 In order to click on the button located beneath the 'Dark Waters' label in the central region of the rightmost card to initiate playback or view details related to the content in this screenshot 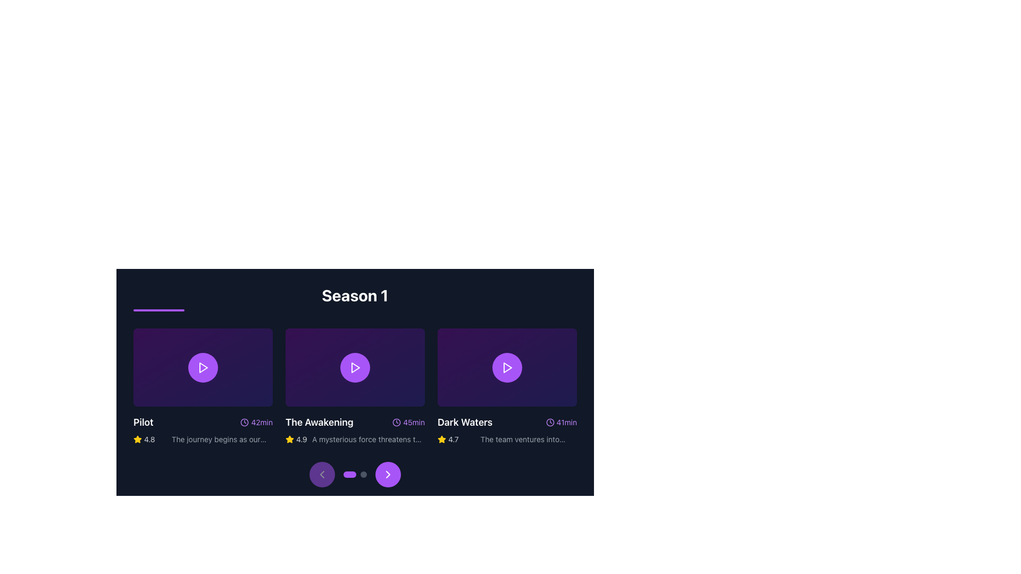, I will do `click(507, 366)`.